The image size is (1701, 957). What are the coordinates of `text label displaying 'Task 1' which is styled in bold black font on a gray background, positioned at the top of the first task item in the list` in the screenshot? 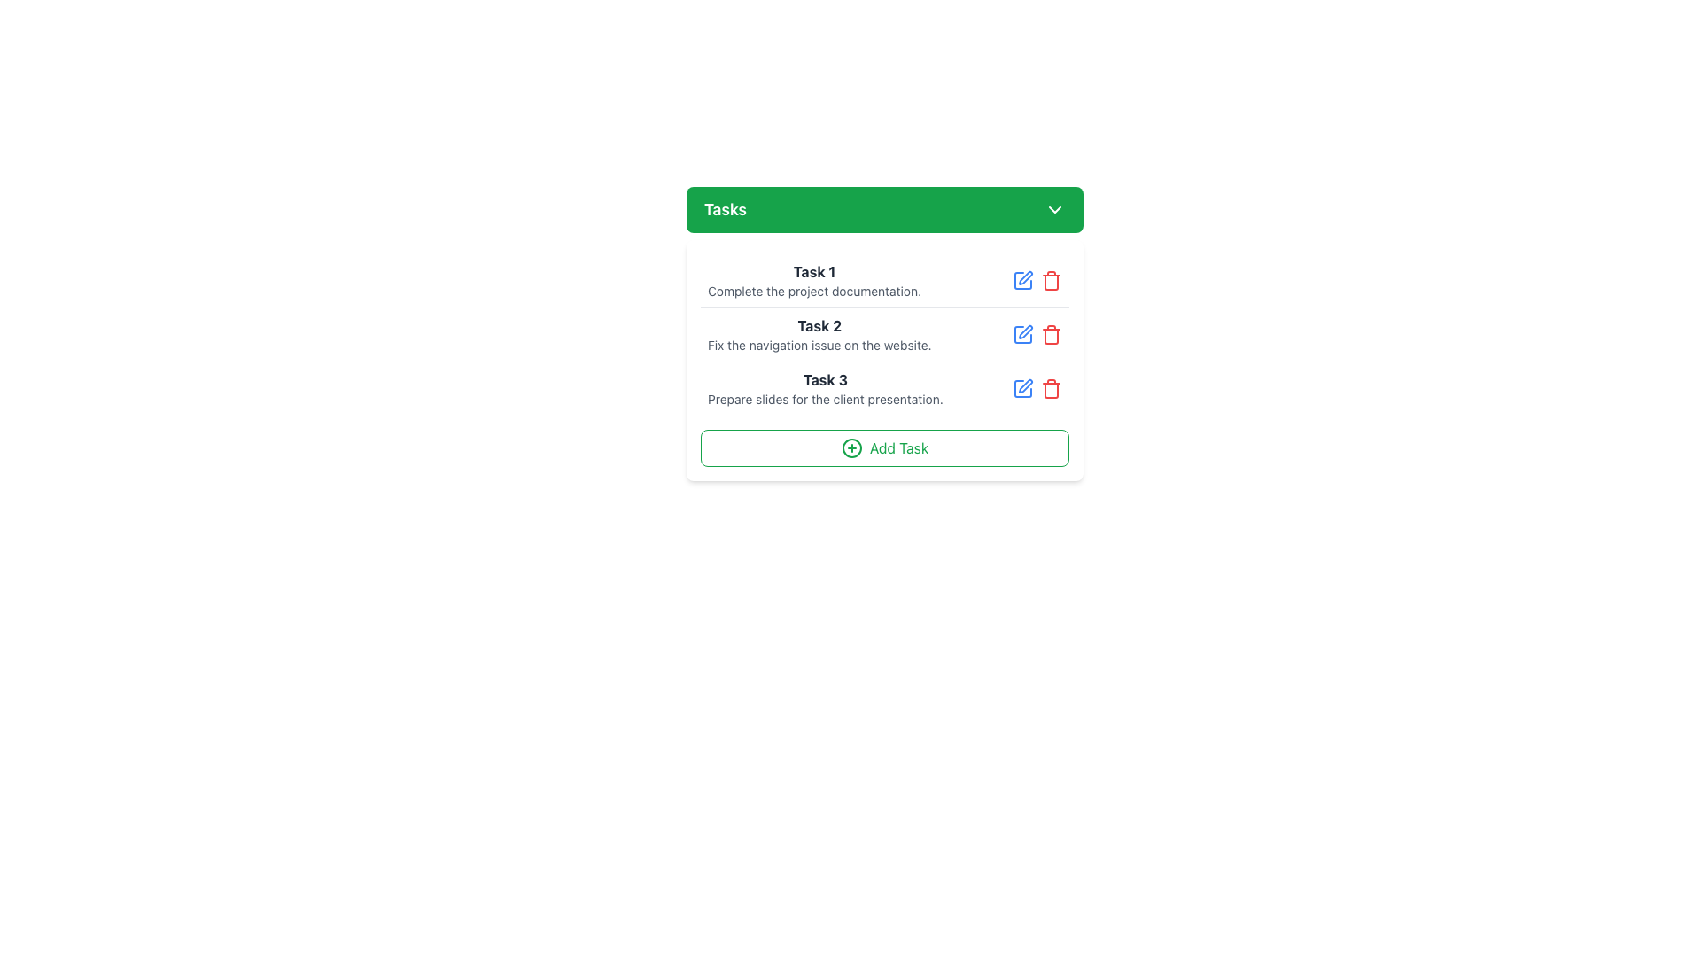 It's located at (813, 272).